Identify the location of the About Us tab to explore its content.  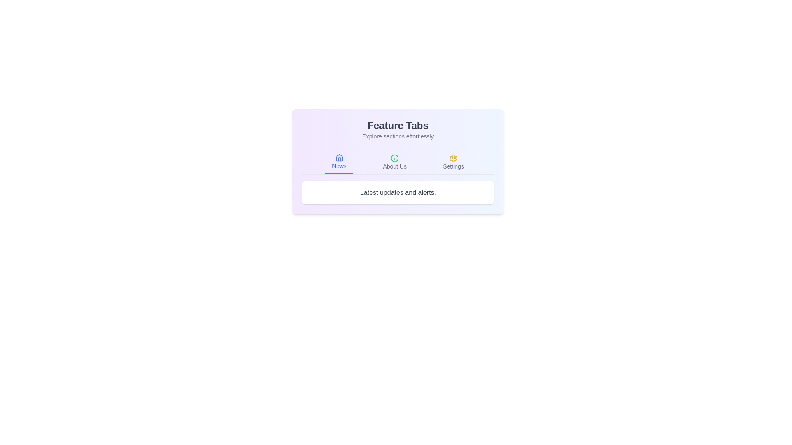
(394, 162).